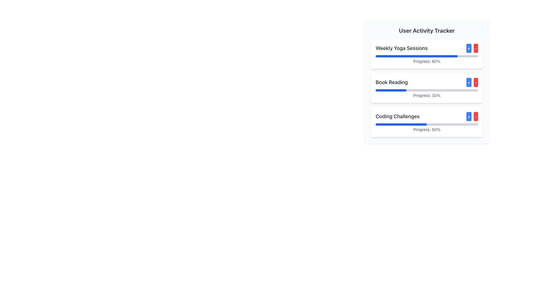  What do you see at coordinates (397, 116) in the screenshot?
I see `the text label displaying 'Coding Challenges', which is prominently styled in bold dark gray font within the third card of progress trackers, located above a progress bar` at bounding box center [397, 116].